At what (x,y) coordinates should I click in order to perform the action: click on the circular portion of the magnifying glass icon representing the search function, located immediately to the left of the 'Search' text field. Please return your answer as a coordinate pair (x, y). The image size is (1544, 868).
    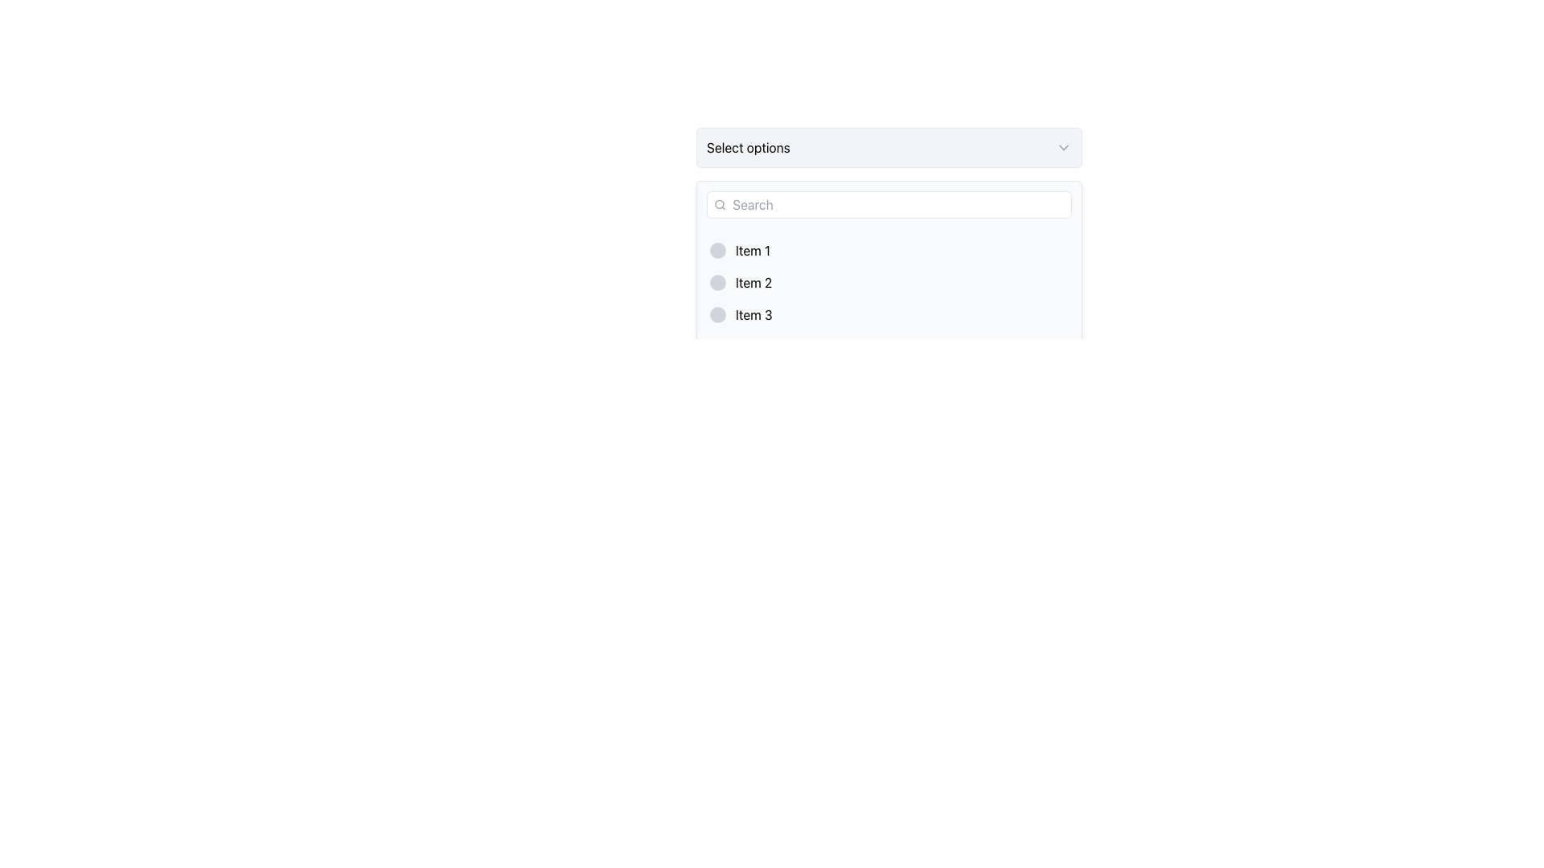
    Looking at the image, I should click on (718, 203).